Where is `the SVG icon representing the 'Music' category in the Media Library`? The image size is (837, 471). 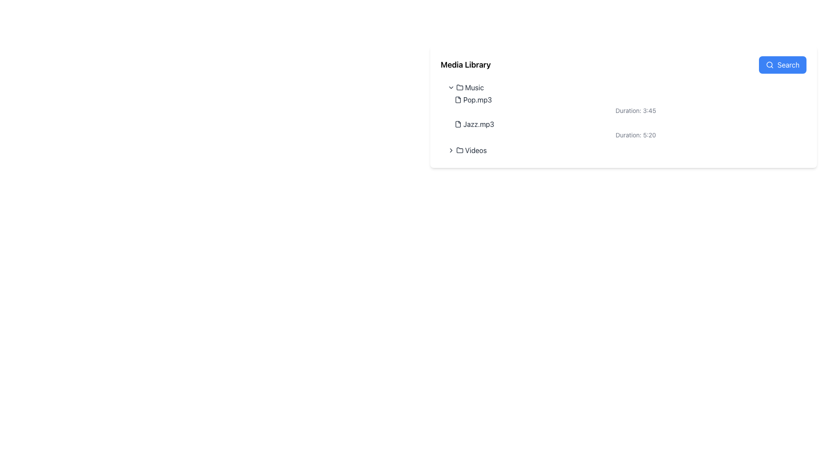
the SVG icon representing the 'Music' category in the Media Library is located at coordinates (459, 87).